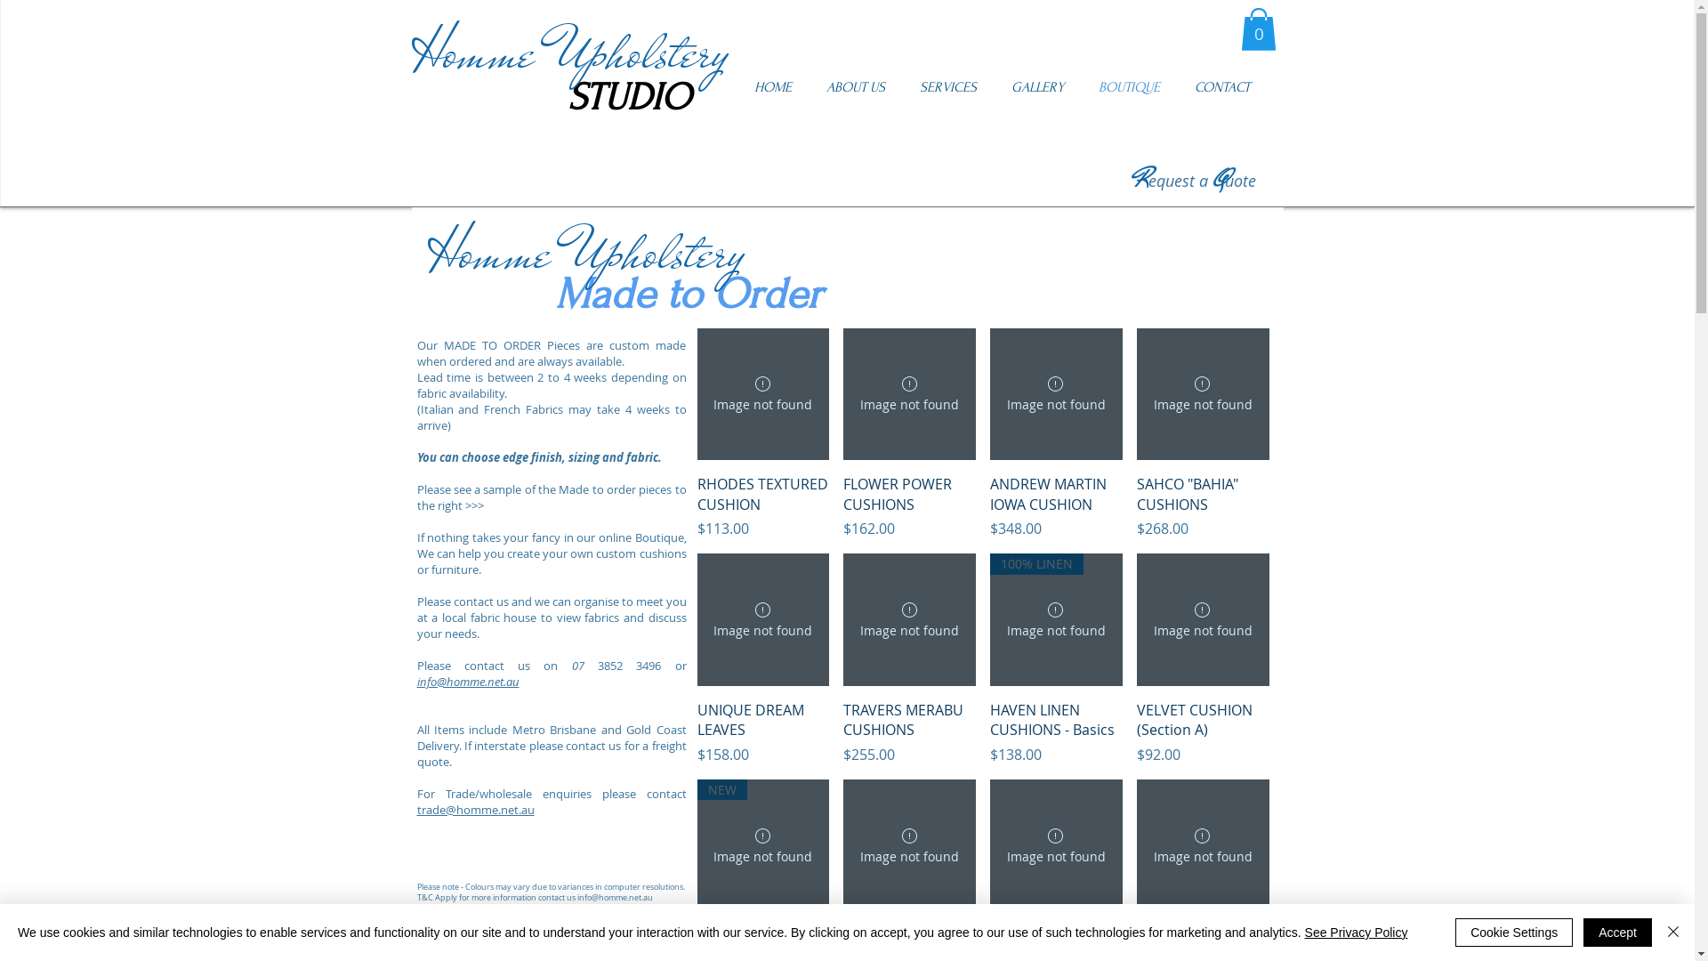 The width and height of the screenshot is (1708, 961). I want to click on 'Accept', so click(1617, 932).